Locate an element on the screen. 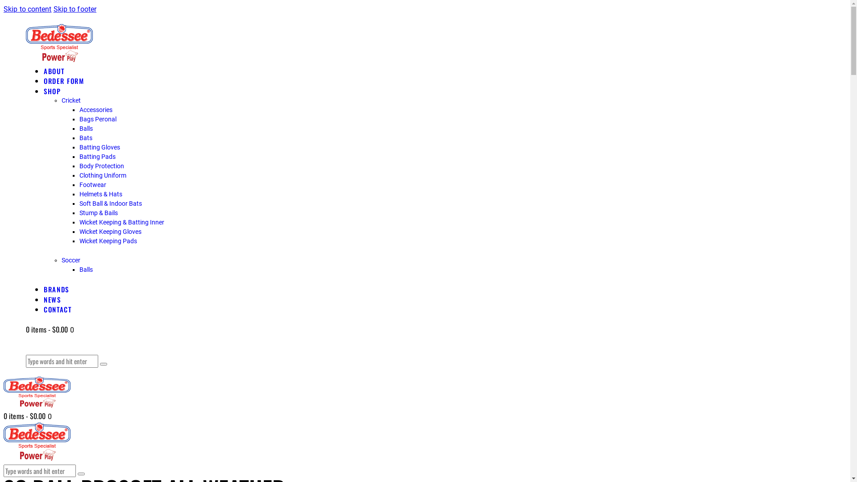 The height and width of the screenshot is (482, 857). 'Cricket' is located at coordinates (61, 100).